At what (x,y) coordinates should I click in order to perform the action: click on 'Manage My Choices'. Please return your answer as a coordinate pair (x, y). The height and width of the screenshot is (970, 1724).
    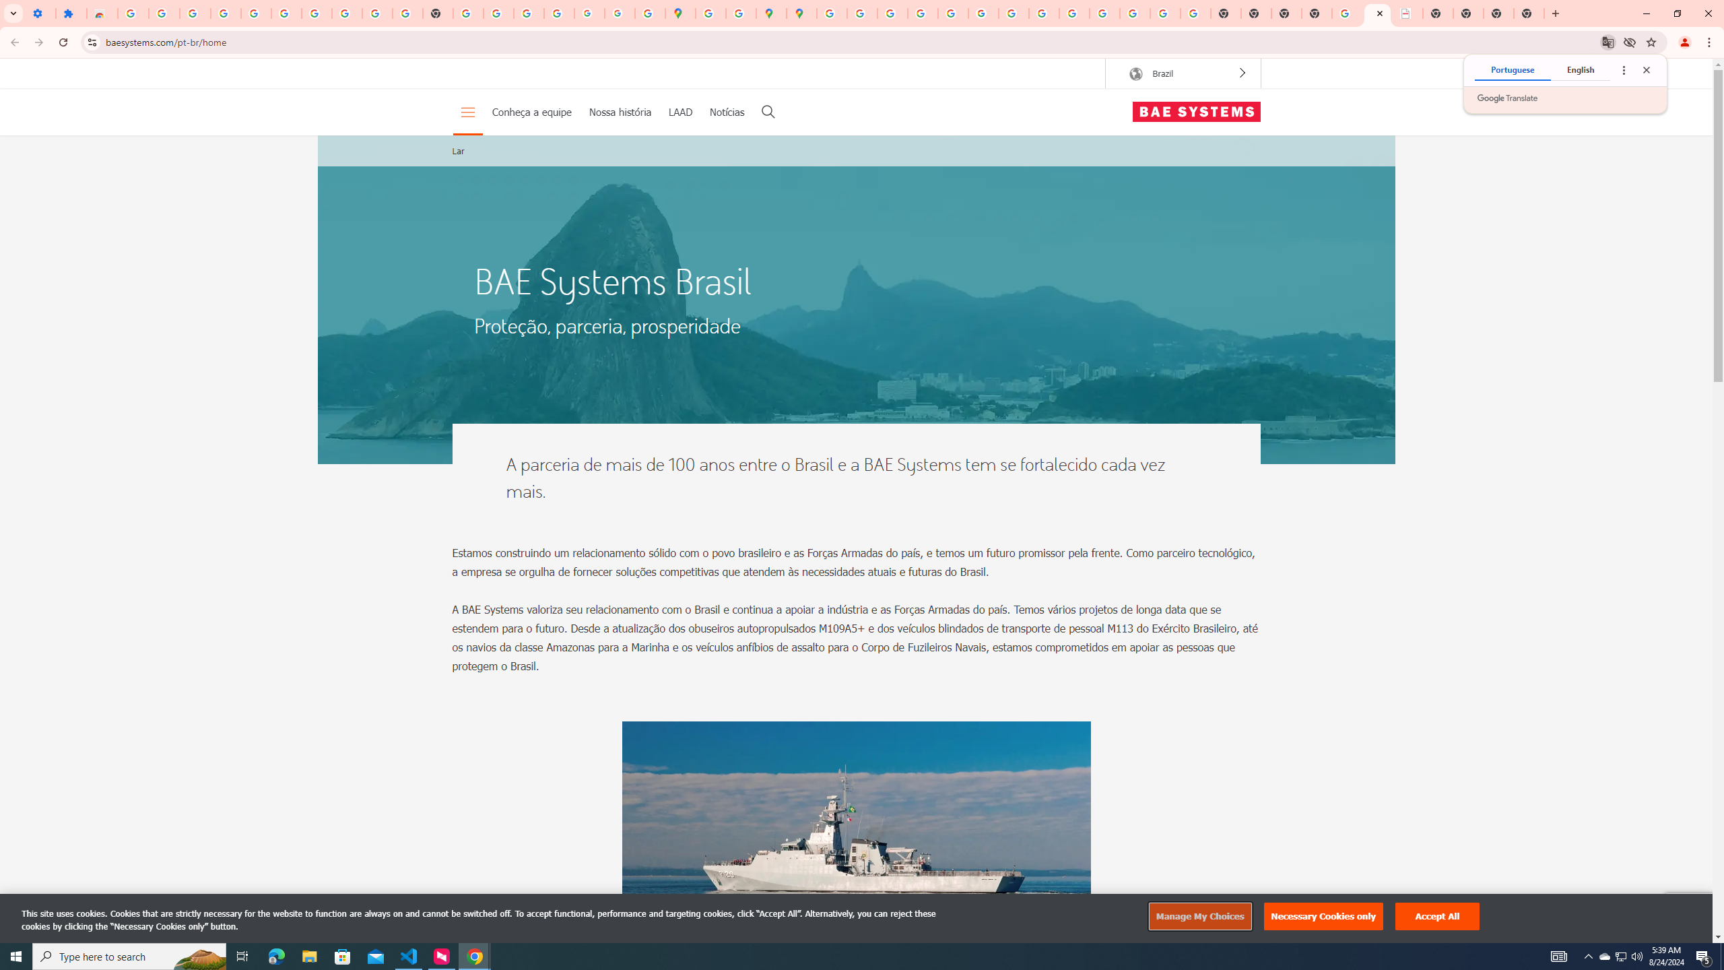
    Looking at the image, I should click on (1199, 916).